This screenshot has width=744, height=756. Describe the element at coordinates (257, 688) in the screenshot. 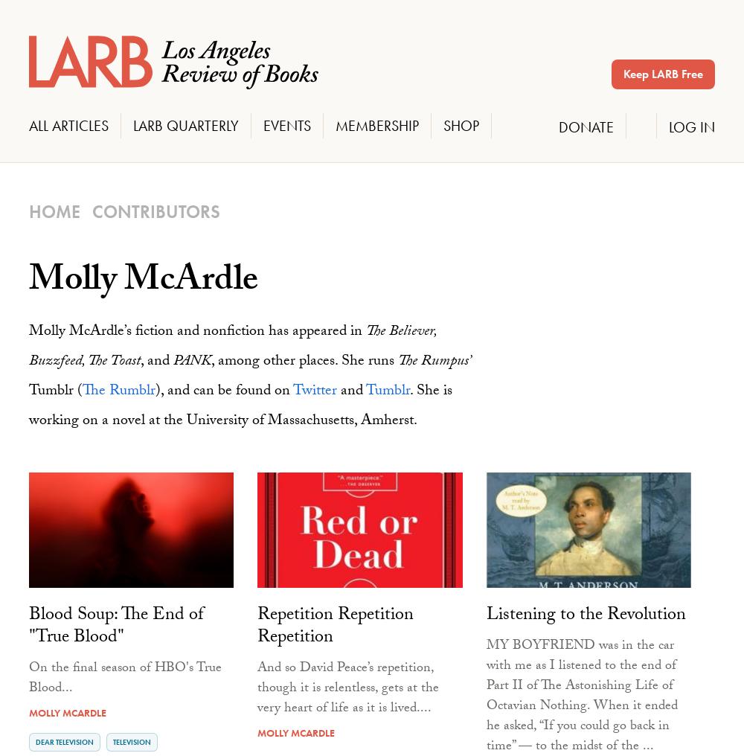

I see `'And so David Peace’s repetition, though it is relentless, gets at the very heart of life as it is lived....'` at that location.